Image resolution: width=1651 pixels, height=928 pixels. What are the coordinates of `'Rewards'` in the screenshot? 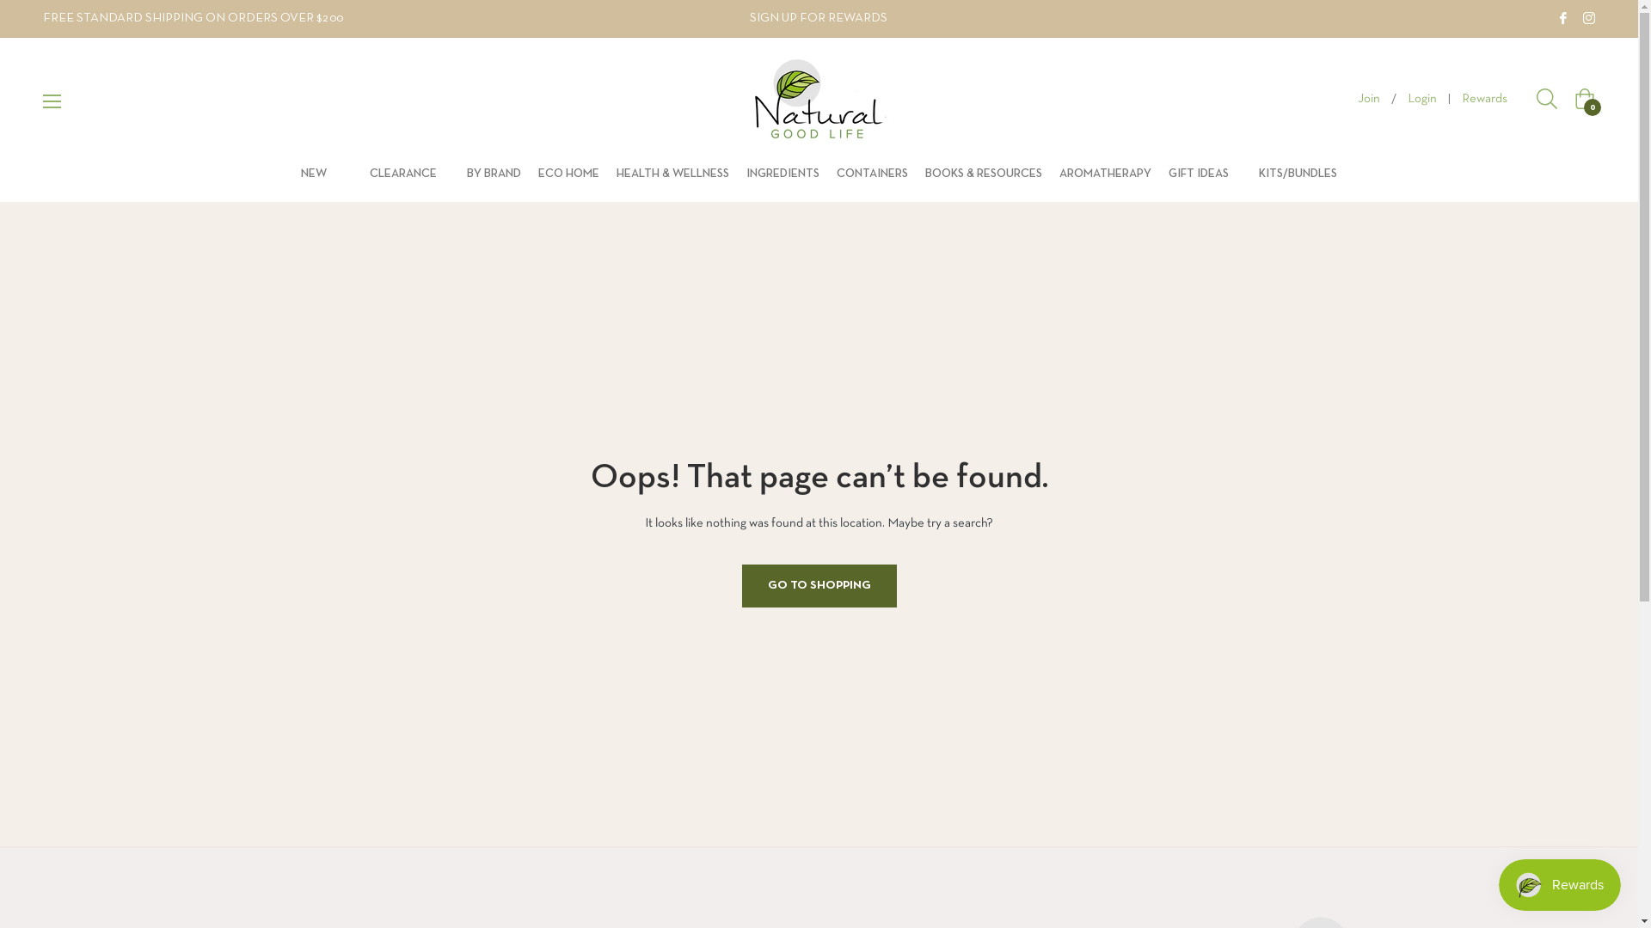 It's located at (1452, 99).